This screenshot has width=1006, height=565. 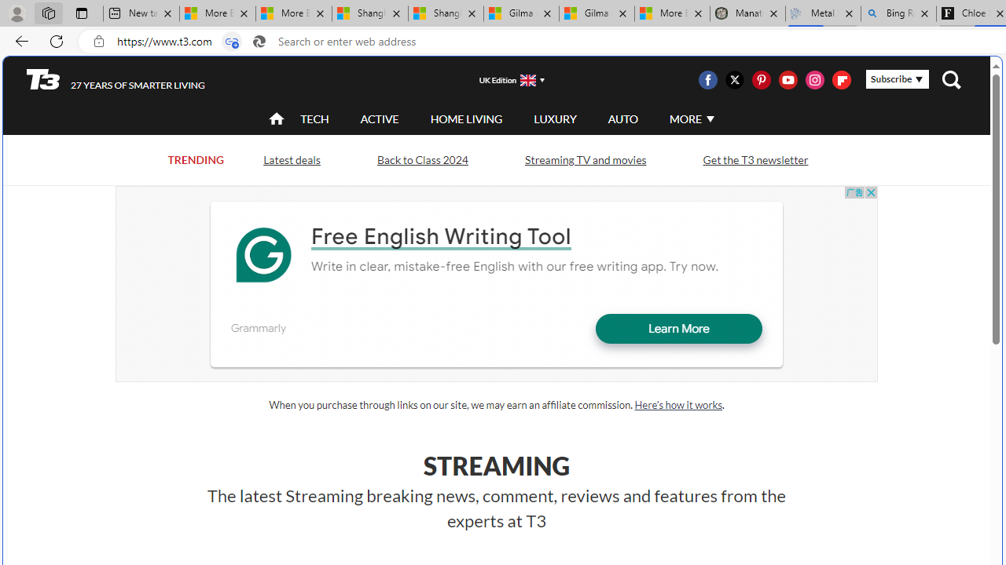 What do you see at coordinates (747, 13) in the screenshot?
I see `'Manatee Mortality Statistics | FWC'` at bounding box center [747, 13].